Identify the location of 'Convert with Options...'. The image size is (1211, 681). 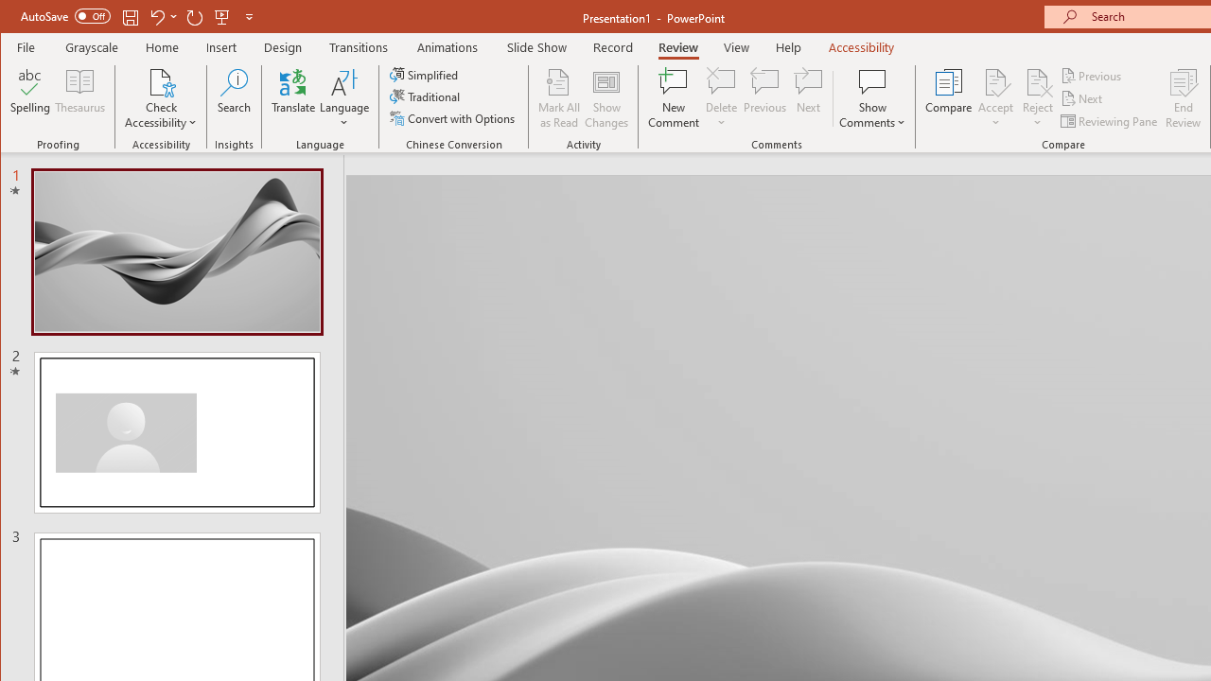
(454, 118).